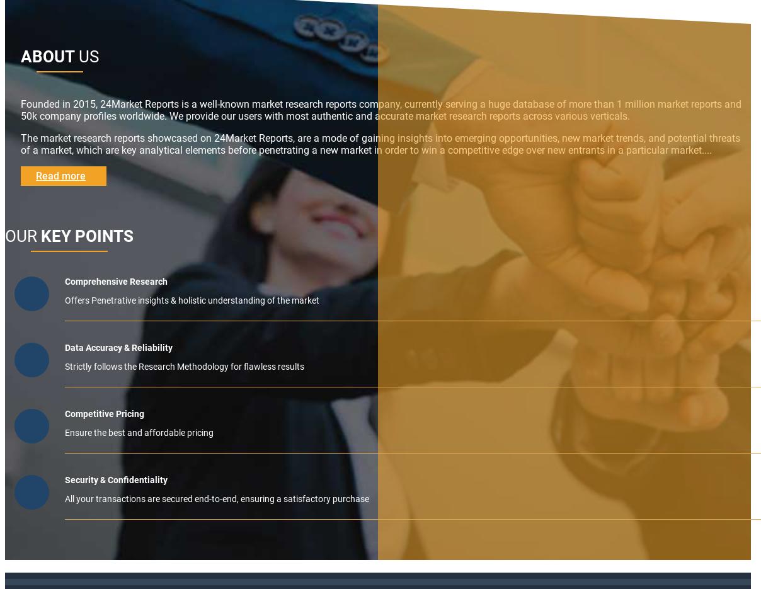 Image resolution: width=761 pixels, height=589 pixels. I want to click on 'Data Accuracy & Reliability', so click(118, 347).